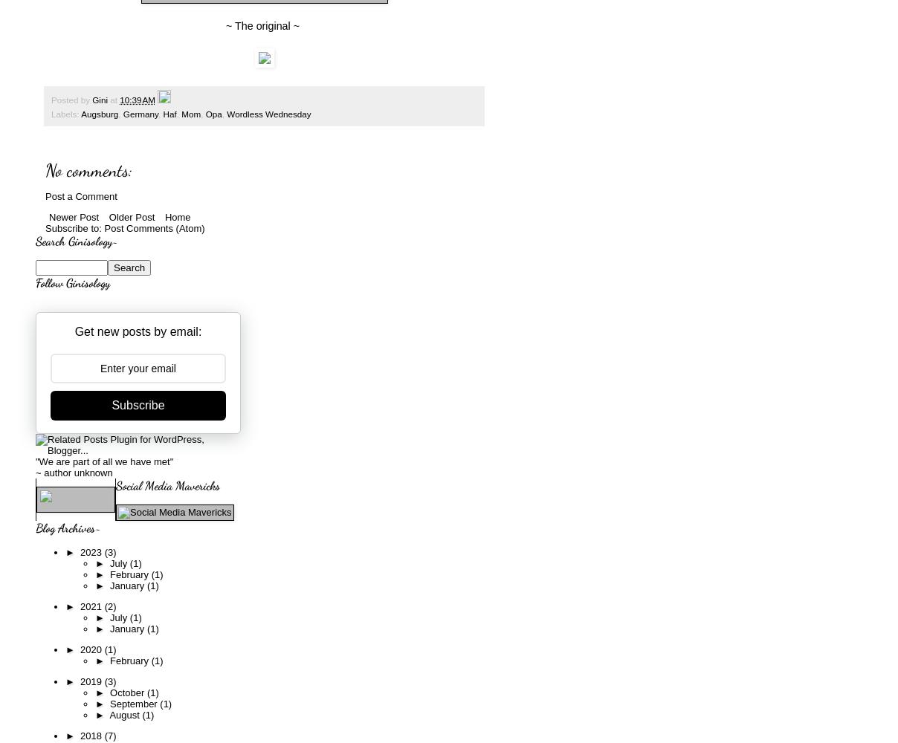 The width and height of the screenshot is (898, 743). I want to click on 'at', so click(114, 100).